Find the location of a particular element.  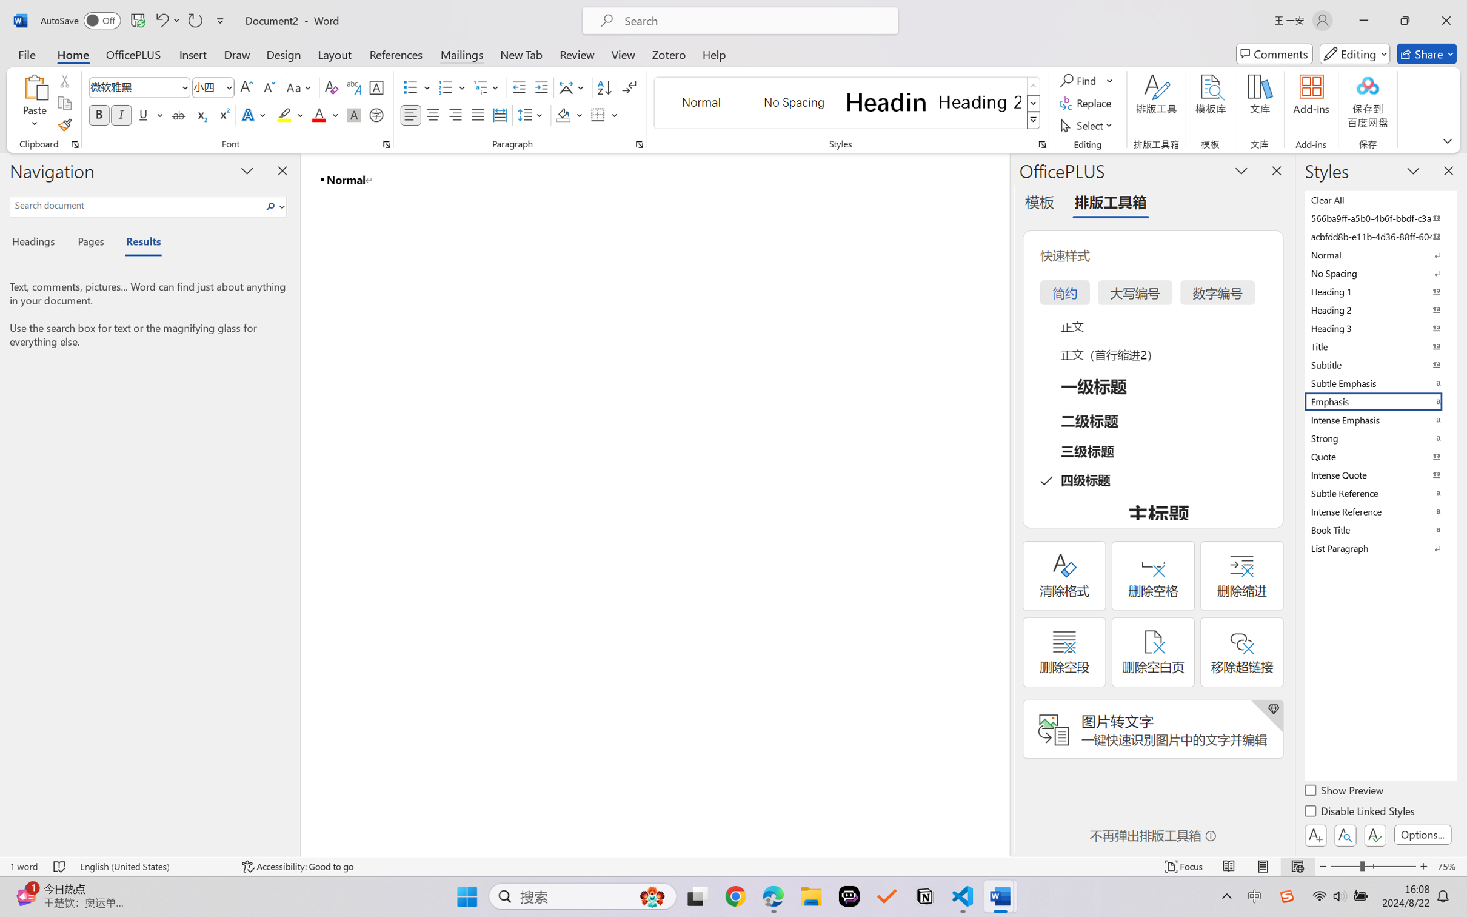

'List Paragraph' is located at coordinates (1379, 547).